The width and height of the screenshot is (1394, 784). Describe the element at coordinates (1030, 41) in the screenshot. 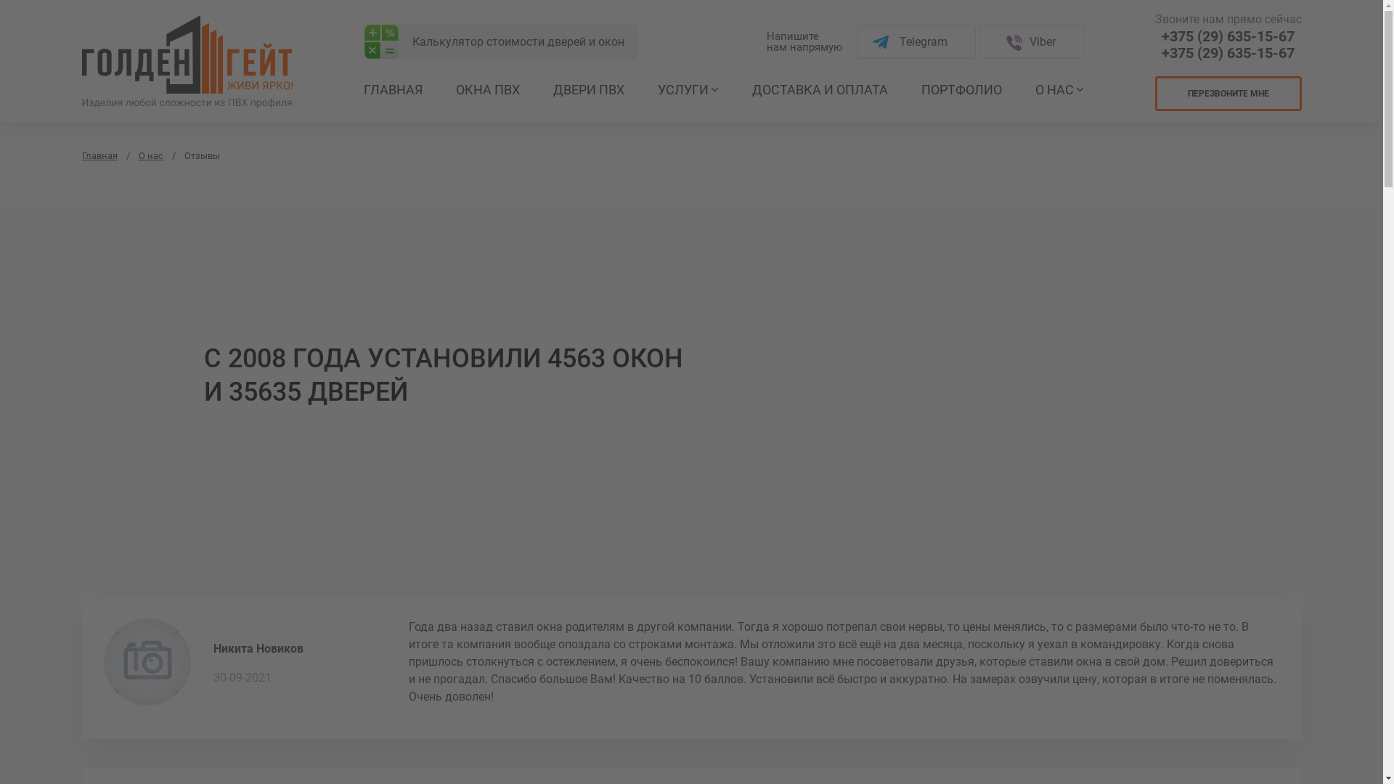

I see `'Viber'` at that location.